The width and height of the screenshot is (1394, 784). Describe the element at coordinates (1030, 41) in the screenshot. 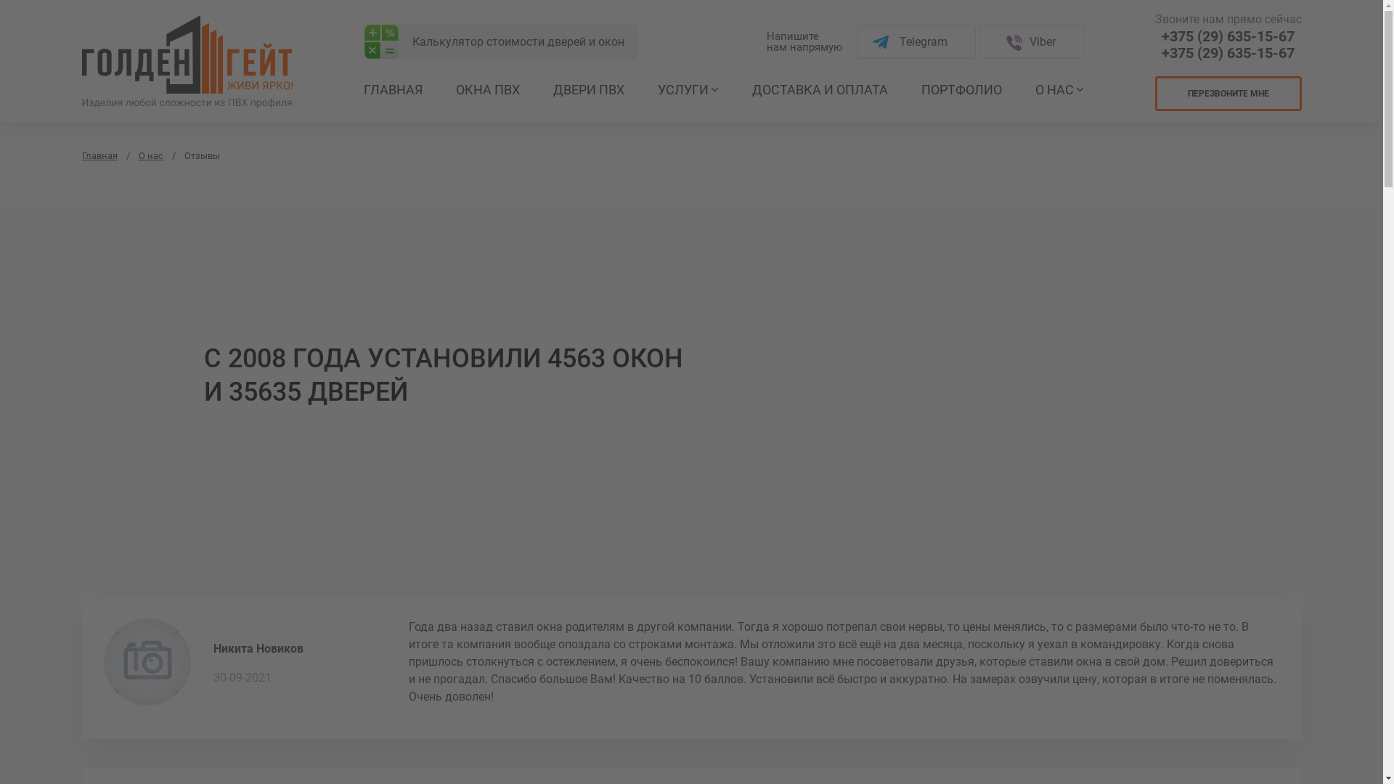

I see `'Viber'` at that location.